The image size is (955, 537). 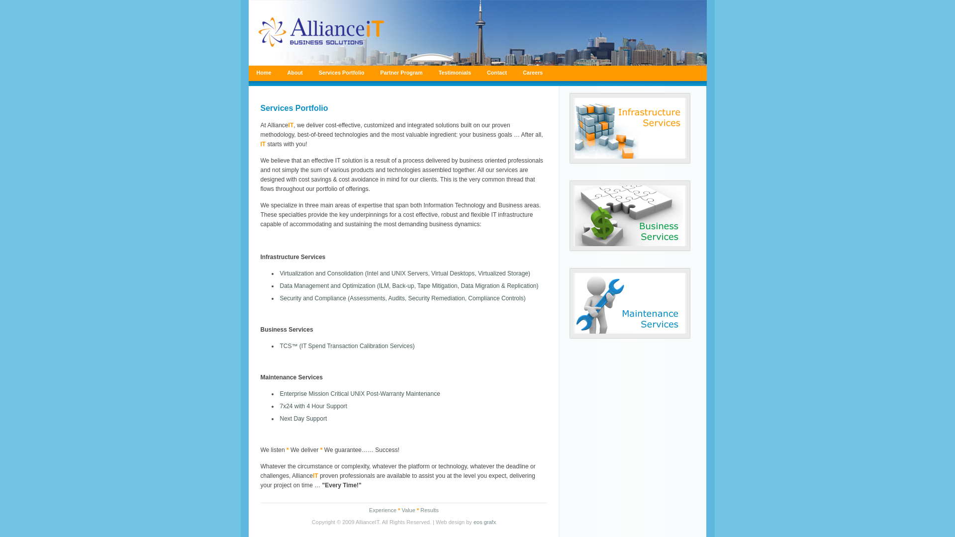 What do you see at coordinates (401, 72) in the screenshot?
I see `'Partner Program'` at bounding box center [401, 72].